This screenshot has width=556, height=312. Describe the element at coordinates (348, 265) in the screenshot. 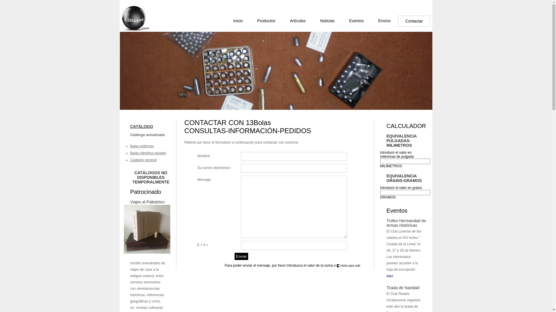

I see `'clicke para salir'` at that location.